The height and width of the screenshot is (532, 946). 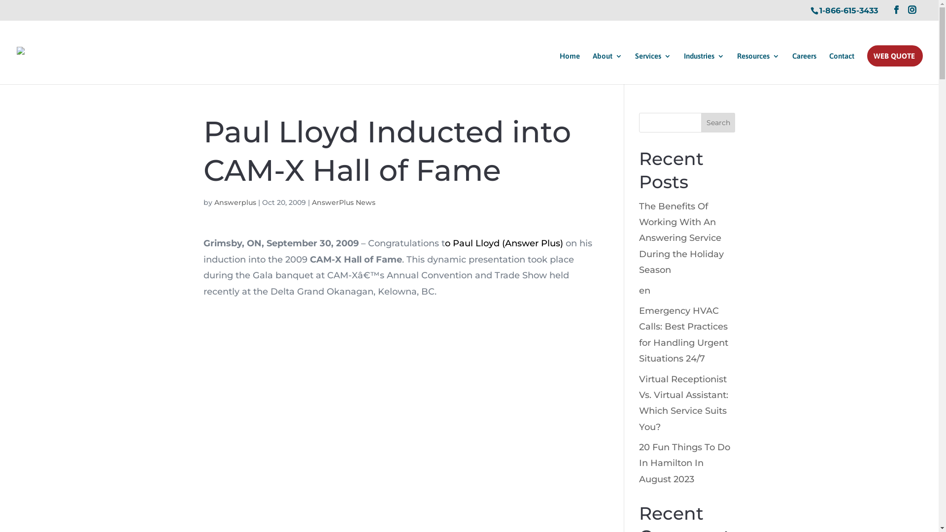 I want to click on 'Careers', so click(x=804, y=67).